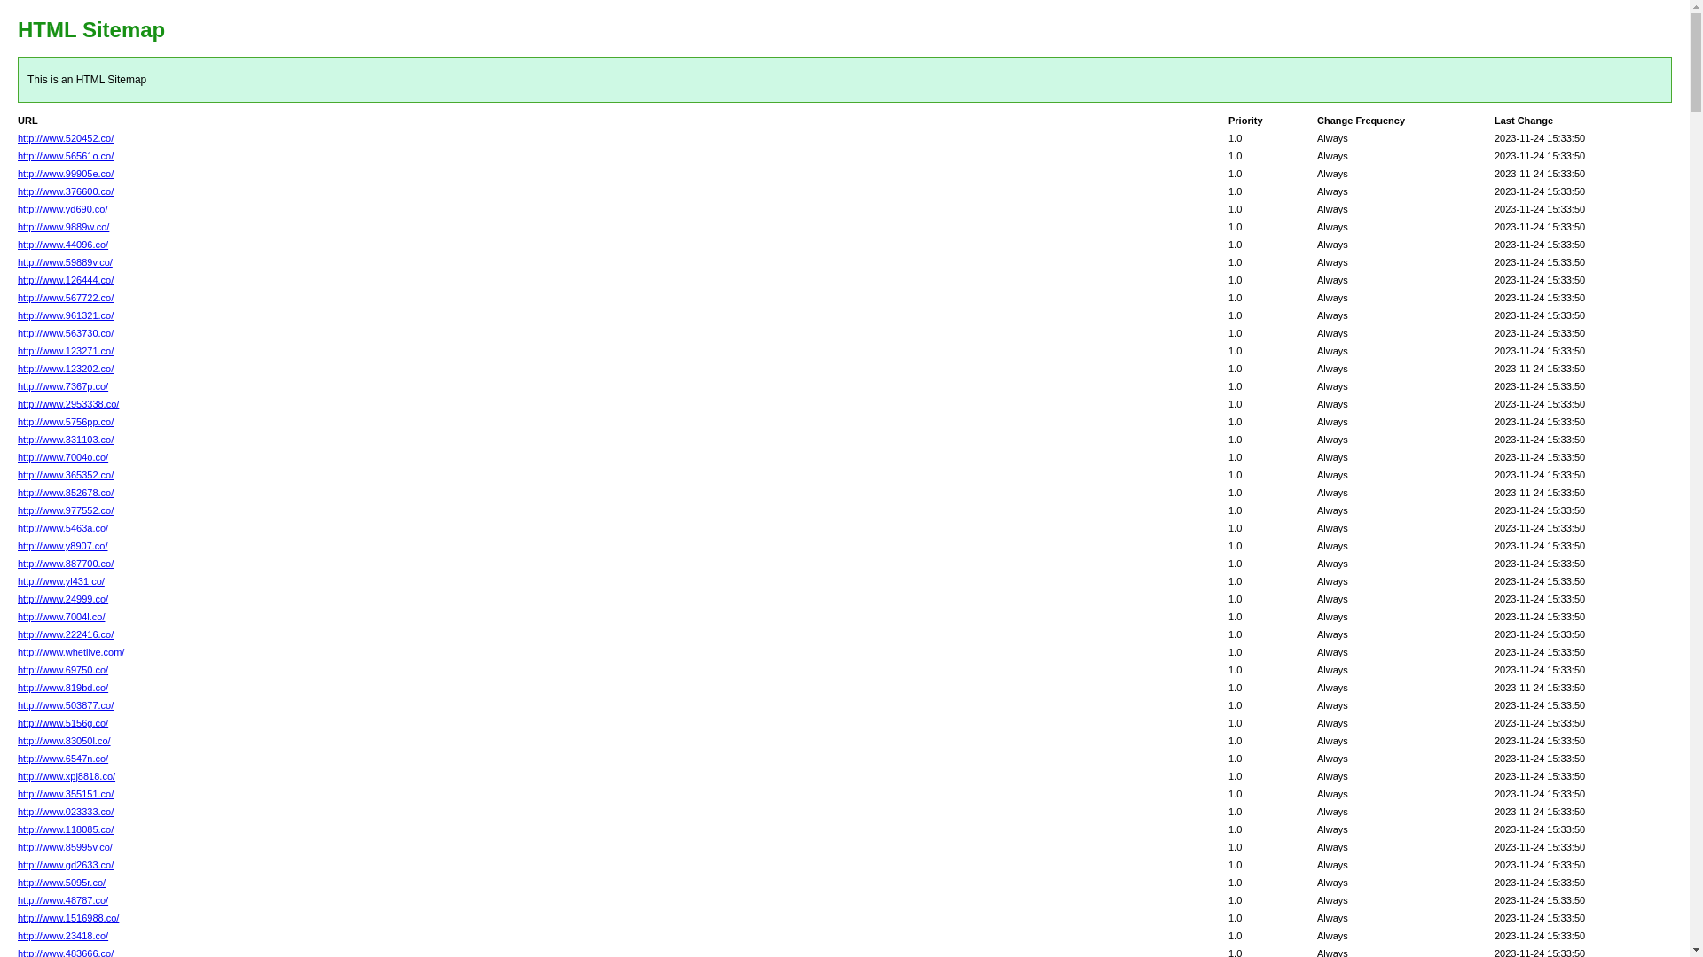  I want to click on 'http://www.99905e.co/', so click(17, 174).